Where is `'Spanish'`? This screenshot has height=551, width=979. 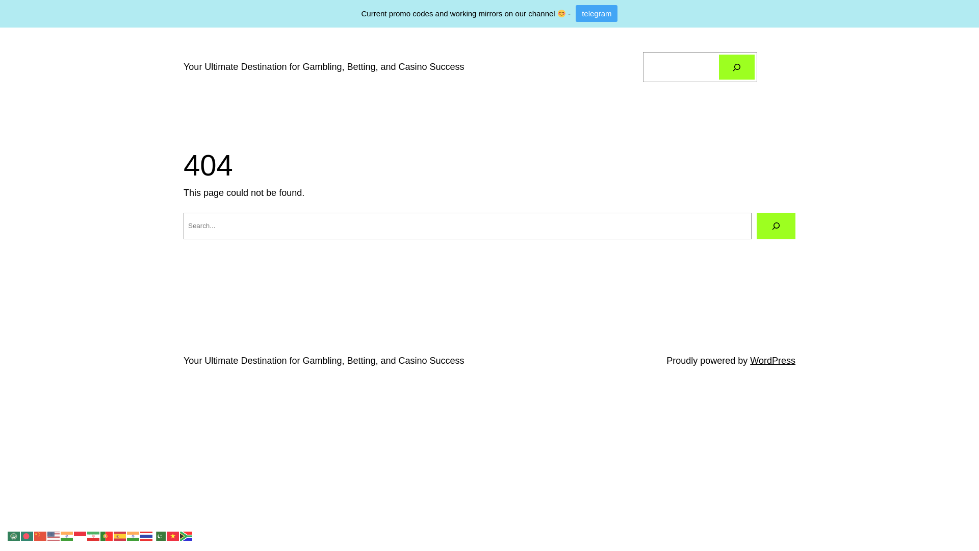 'Spanish' is located at coordinates (120, 535).